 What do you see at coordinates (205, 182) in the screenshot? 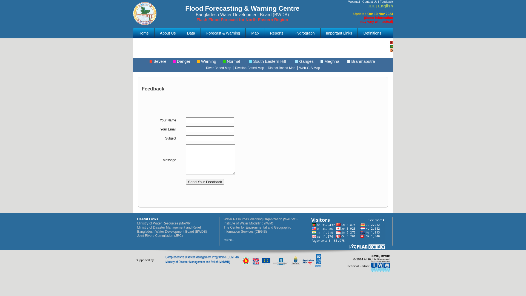
I see `'Send Your Feedback'` at bounding box center [205, 182].